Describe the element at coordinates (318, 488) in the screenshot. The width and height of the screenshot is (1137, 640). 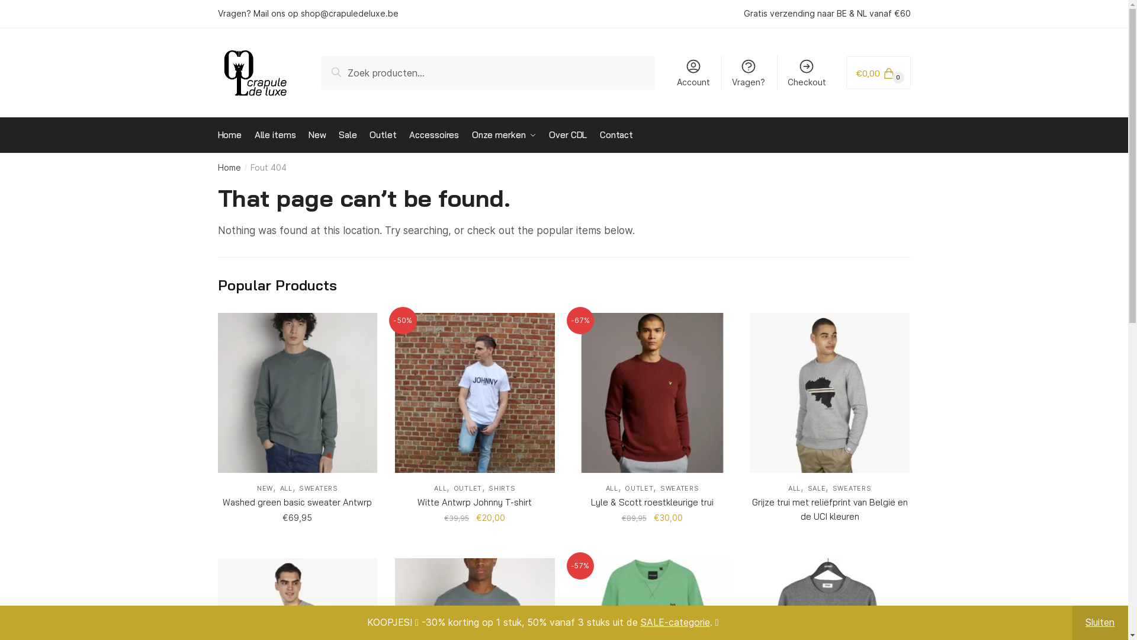
I see `'SWEATERS'` at that location.